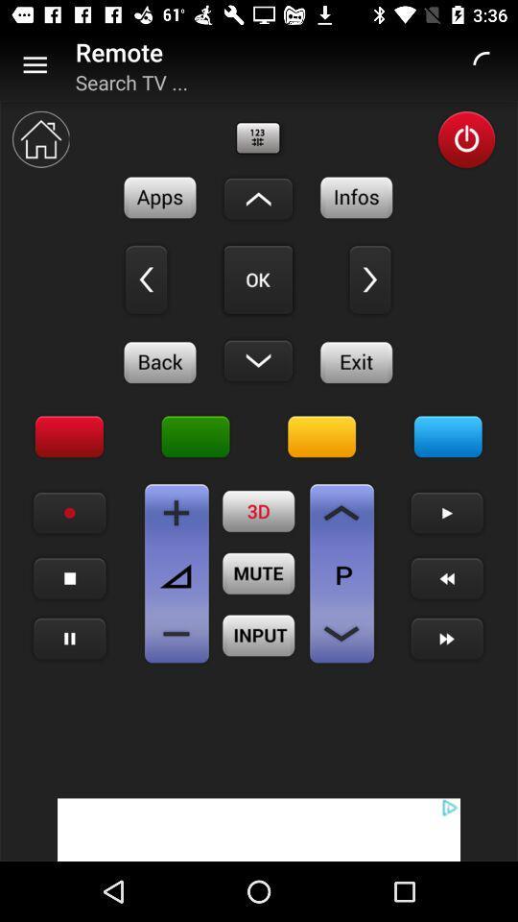 The width and height of the screenshot is (518, 922). Describe the element at coordinates (145, 279) in the screenshot. I see `the arrow_backward icon` at that location.